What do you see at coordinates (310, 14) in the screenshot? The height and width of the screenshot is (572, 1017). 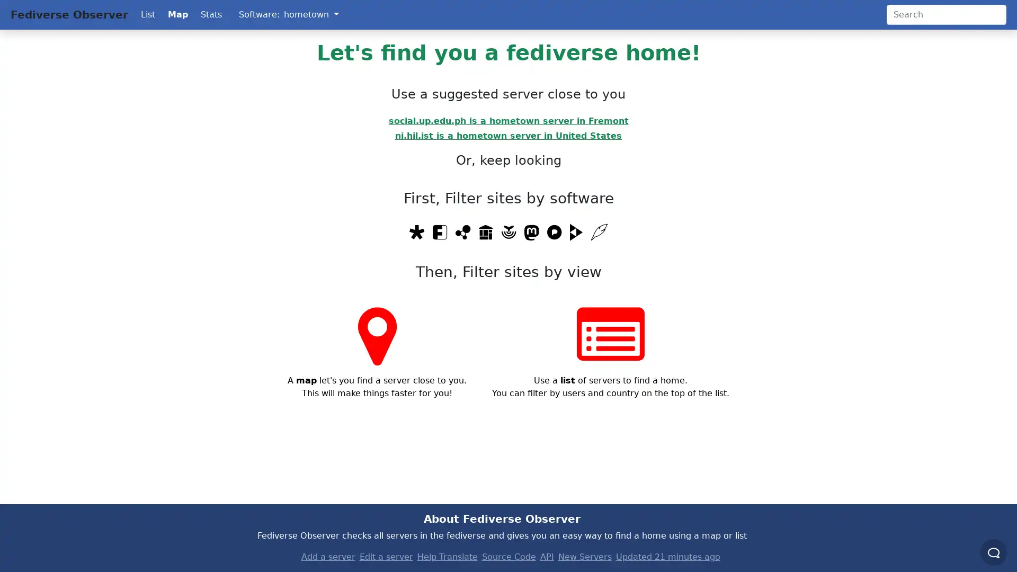 I see `hometown` at bounding box center [310, 14].